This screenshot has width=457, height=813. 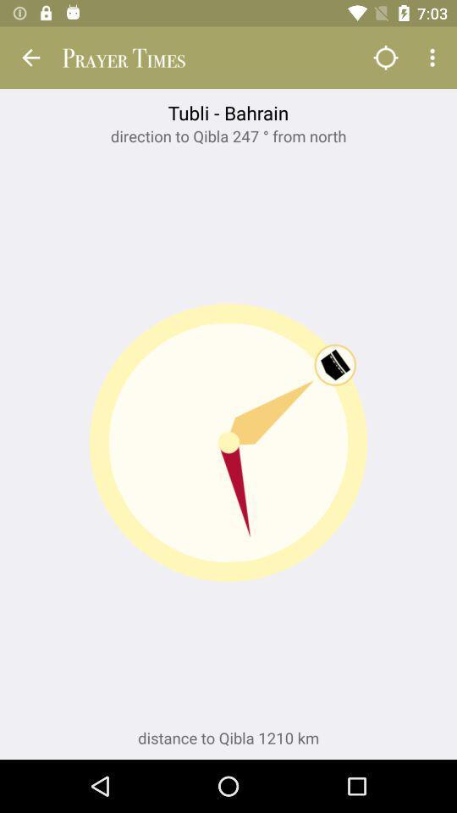 What do you see at coordinates (30, 58) in the screenshot?
I see `icon above the tubli - bahrain` at bounding box center [30, 58].